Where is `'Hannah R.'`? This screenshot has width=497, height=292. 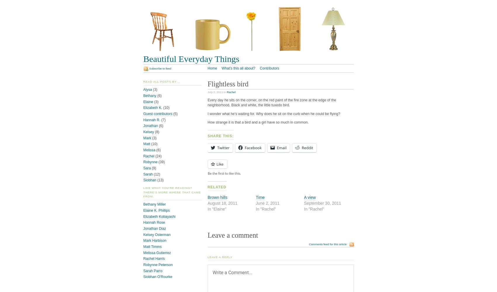
'Hannah R.' is located at coordinates (151, 120).